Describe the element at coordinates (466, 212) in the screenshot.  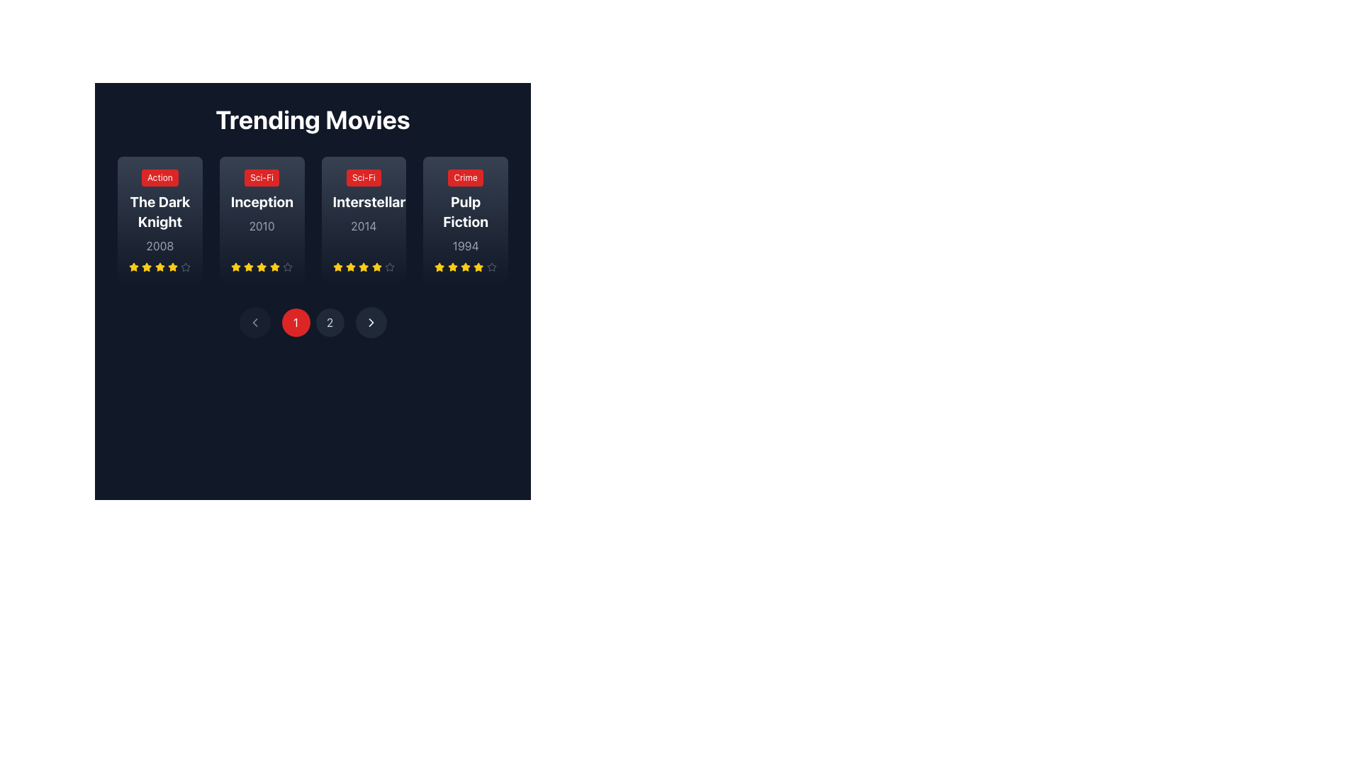
I see `the bolded text label displaying the movie title 'Pulp Fiction', which is centrally located within its card layout, below the red tag labeled 'Crime' and above the year '1994'` at that location.